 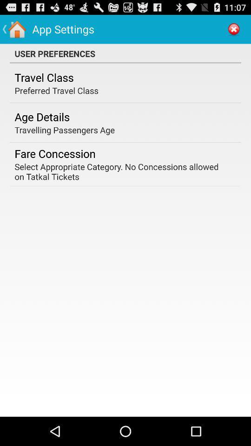 I want to click on the item next to  app settings app, so click(x=233, y=29).